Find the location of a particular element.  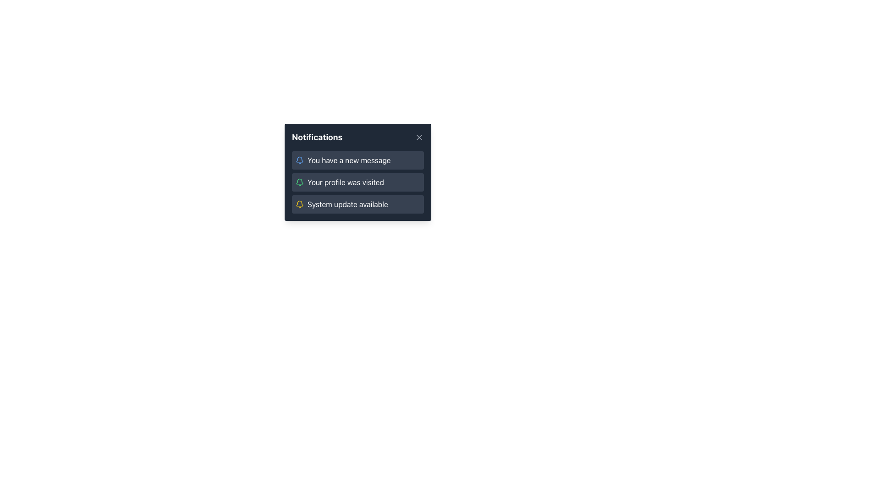

the notification bar with the text 'System update available' is located at coordinates (357, 204).